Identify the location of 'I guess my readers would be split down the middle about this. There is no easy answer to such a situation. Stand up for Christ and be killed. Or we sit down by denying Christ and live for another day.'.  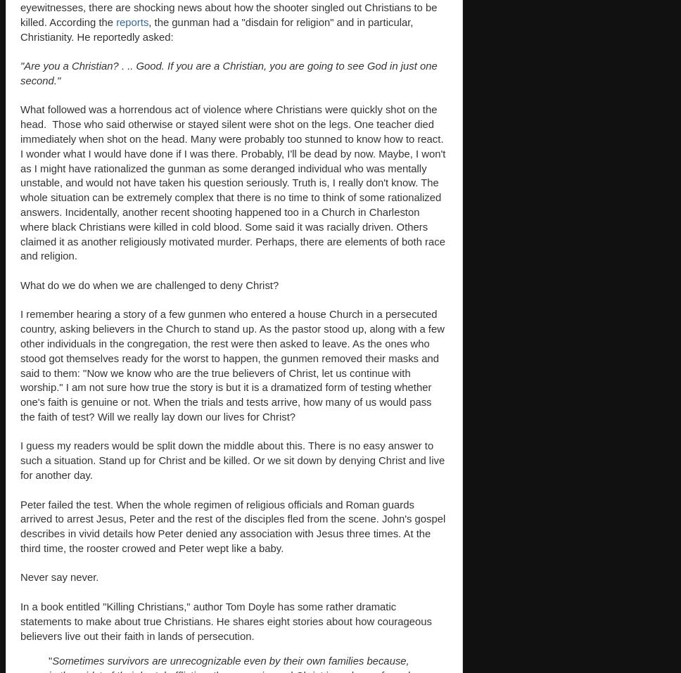
(232, 459).